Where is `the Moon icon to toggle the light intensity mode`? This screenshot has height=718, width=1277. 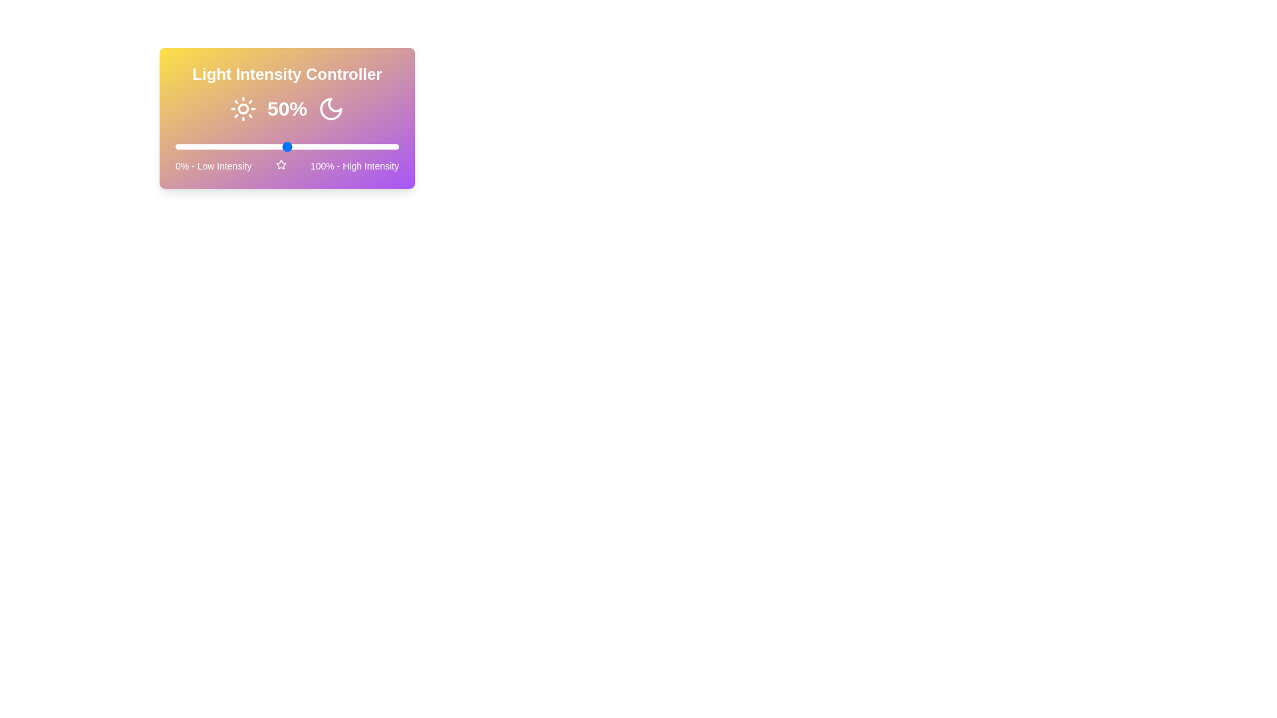 the Moon icon to toggle the light intensity mode is located at coordinates (331, 108).